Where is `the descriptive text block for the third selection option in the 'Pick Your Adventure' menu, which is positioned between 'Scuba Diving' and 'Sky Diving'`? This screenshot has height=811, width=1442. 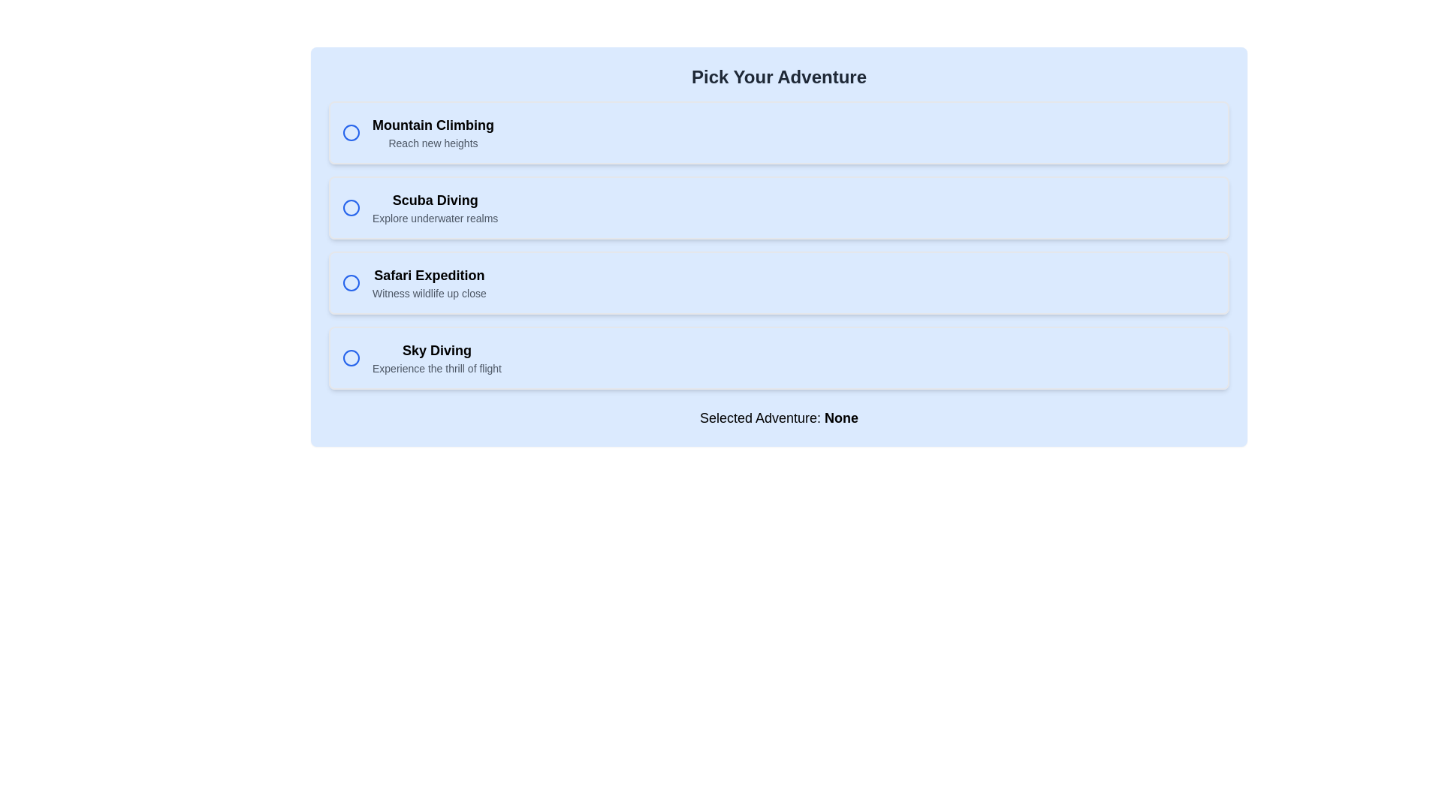 the descriptive text block for the third selection option in the 'Pick Your Adventure' menu, which is positioned between 'Scuba Diving' and 'Sky Diving' is located at coordinates (428, 283).